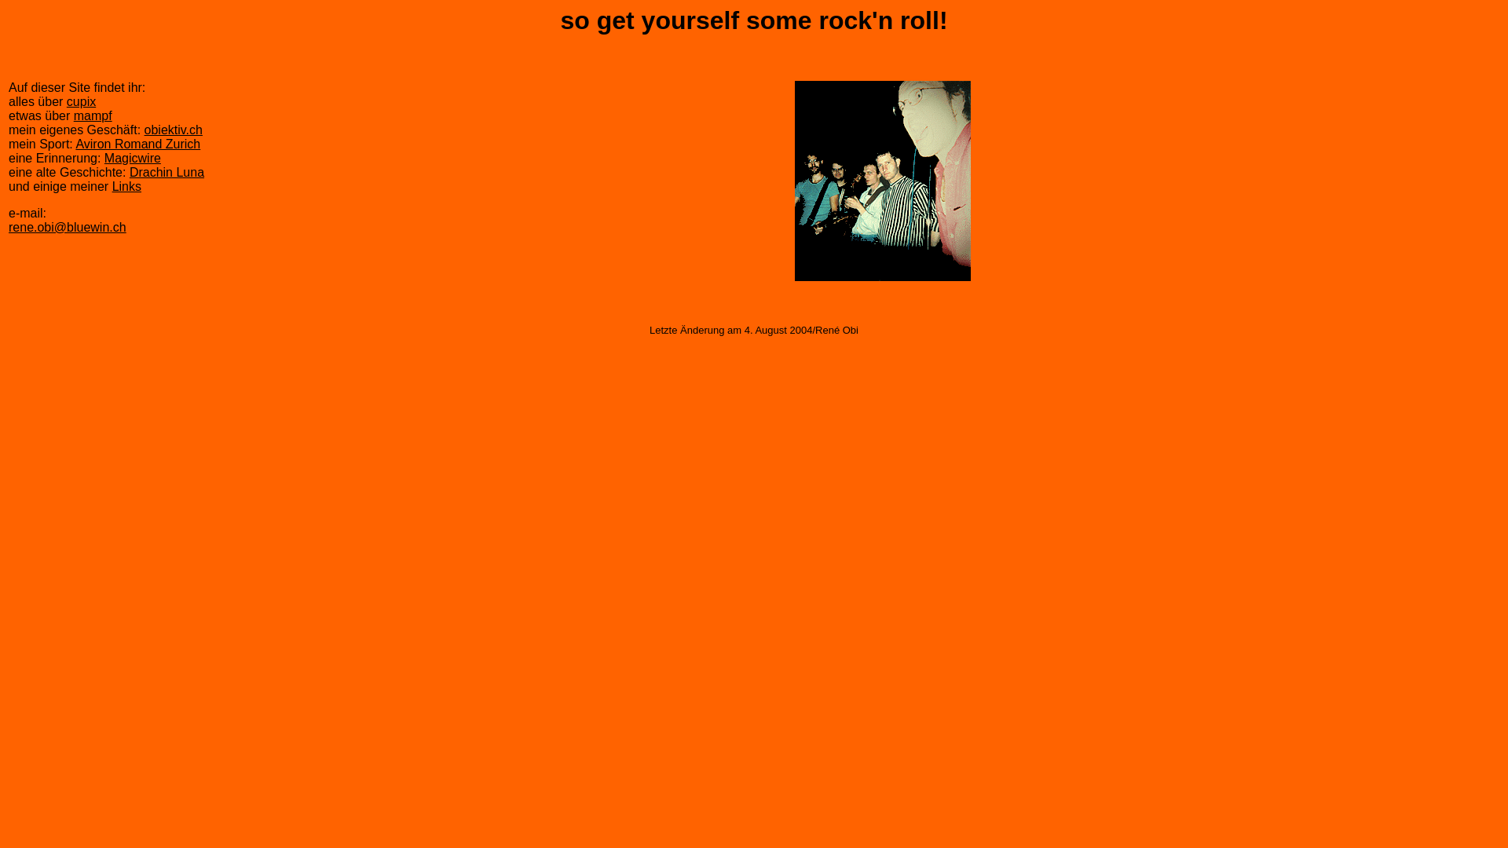  I want to click on 'obiektiv.ch', so click(173, 129).